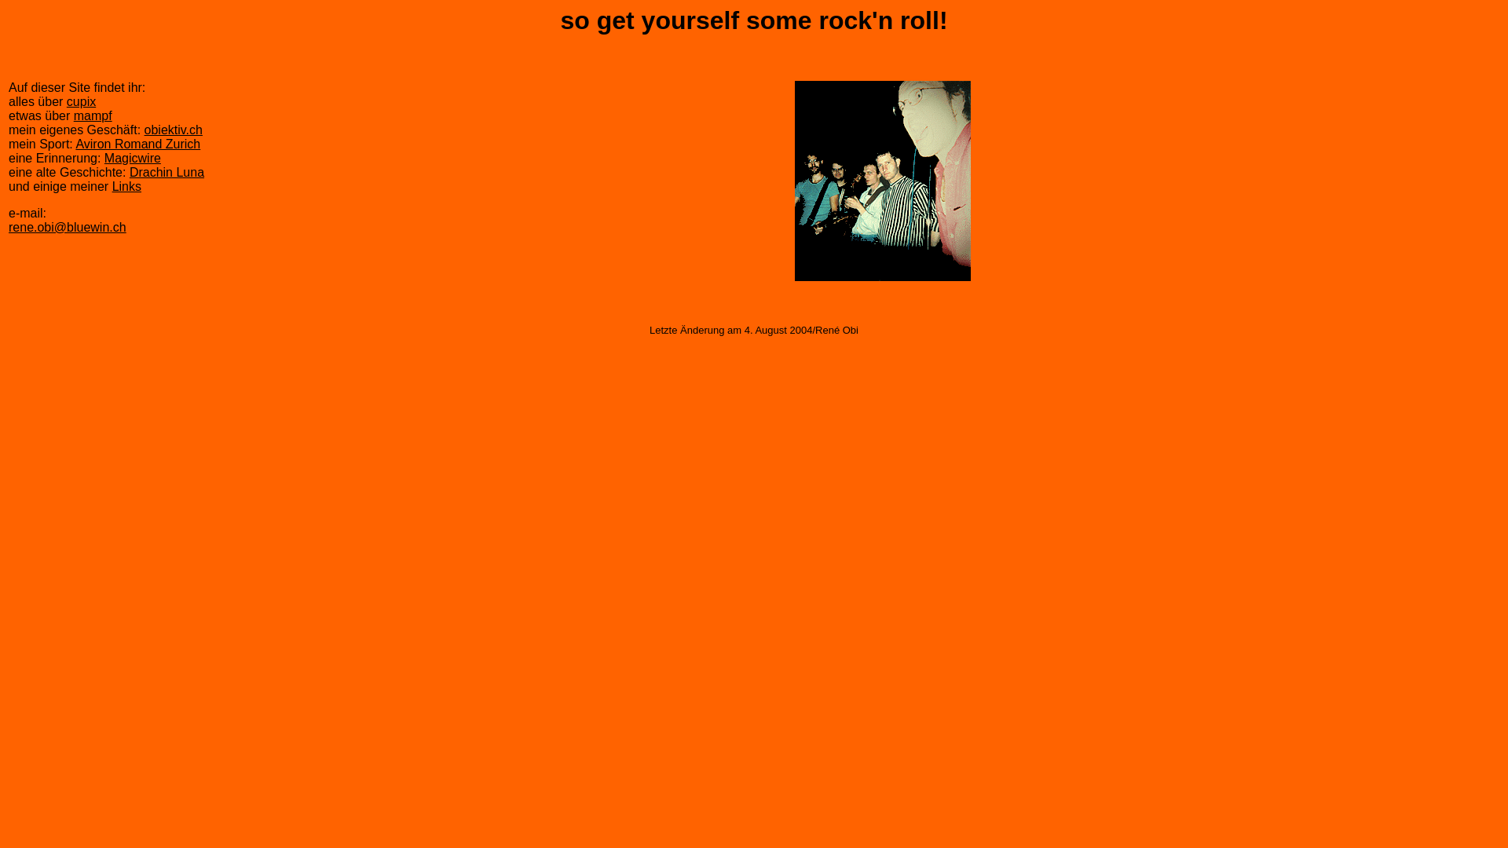  I want to click on 'obiektiv.ch', so click(173, 129).